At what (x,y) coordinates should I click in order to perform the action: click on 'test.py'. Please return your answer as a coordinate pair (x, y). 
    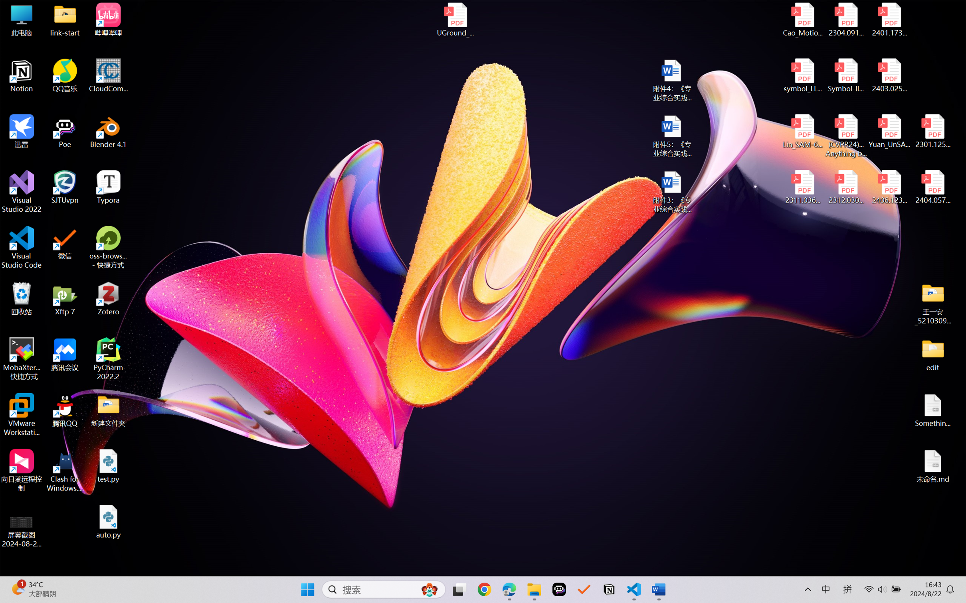
    Looking at the image, I should click on (108, 465).